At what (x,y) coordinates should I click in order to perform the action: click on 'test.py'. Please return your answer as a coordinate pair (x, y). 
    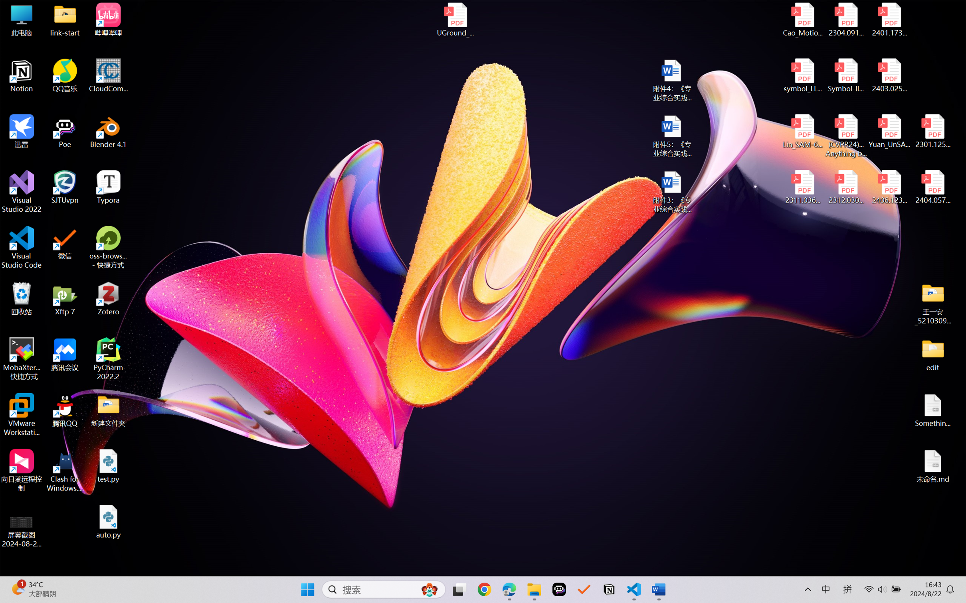
    Looking at the image, I should click on (108, 465).